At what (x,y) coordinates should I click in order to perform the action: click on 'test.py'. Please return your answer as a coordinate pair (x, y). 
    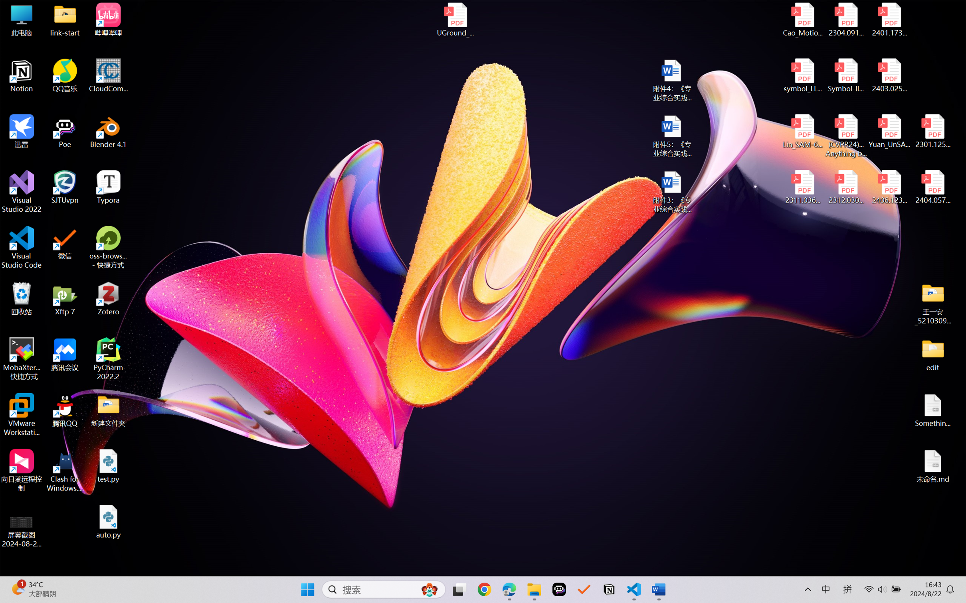
    Looking at the image, I should click on (108, 465).